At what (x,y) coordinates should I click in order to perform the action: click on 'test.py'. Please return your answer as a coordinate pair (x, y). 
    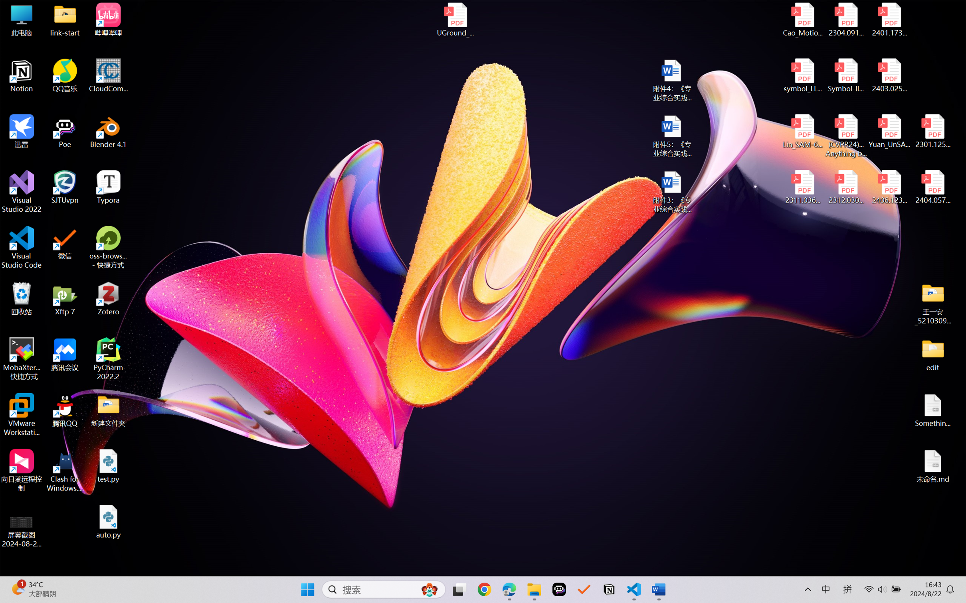
    Looking at the image, I should click on (108, 465).